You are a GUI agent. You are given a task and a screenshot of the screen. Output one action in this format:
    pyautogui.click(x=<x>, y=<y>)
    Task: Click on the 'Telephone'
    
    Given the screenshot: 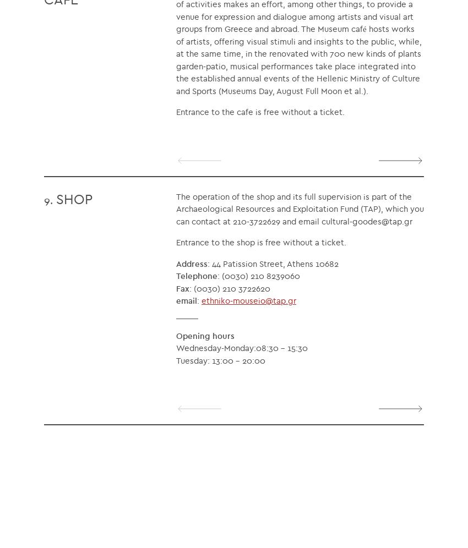 What is the action you would take?
    pyautogui.click(x=196, y=276)
    